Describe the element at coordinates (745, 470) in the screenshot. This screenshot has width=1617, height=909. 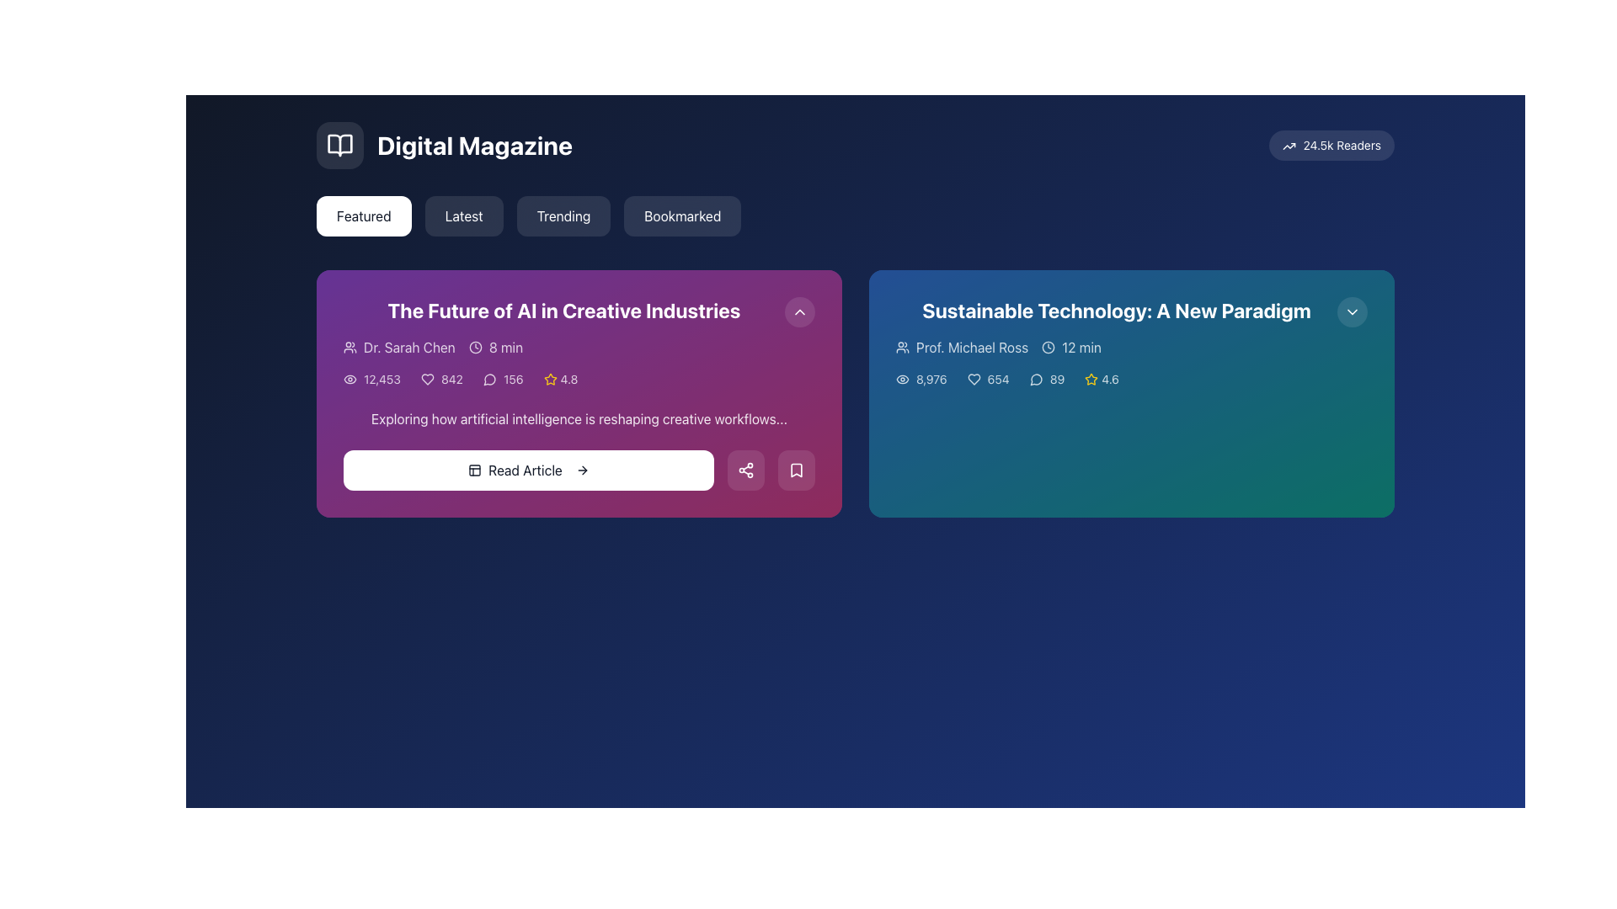
I see `the square-shaped button with a purple gradient background and a white node-link icon, located at the bottom-right corner of the card labeled 'The Future of AI in Creative Industries'` at that location.